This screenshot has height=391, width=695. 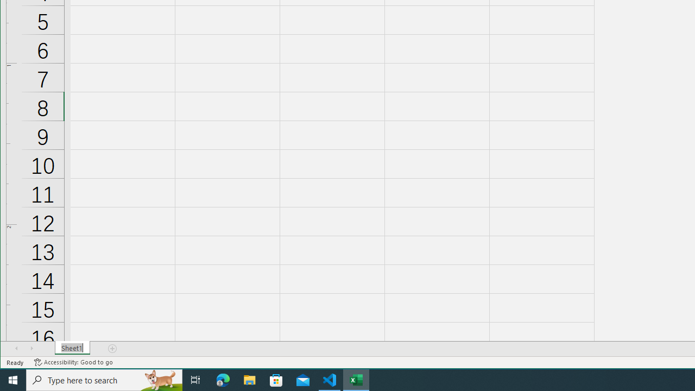 What do you see at coordinates (31, 348) in the screenshot?
I see `'Scroll Right'` at bounding box center [31, 348].